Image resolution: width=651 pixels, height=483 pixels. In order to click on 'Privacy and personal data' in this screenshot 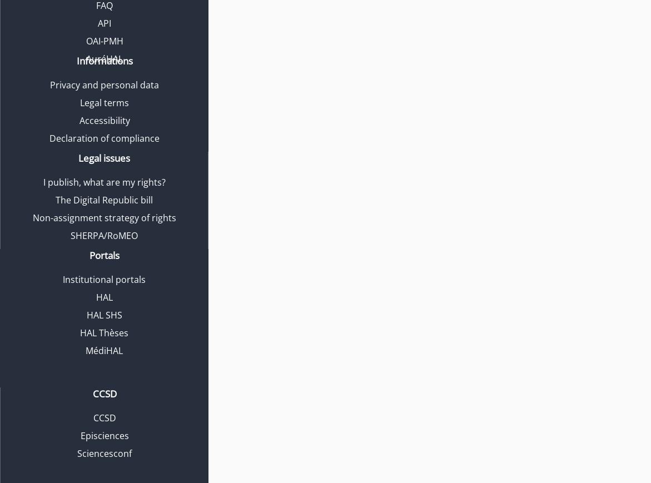, I will do `click(103, 84)`.